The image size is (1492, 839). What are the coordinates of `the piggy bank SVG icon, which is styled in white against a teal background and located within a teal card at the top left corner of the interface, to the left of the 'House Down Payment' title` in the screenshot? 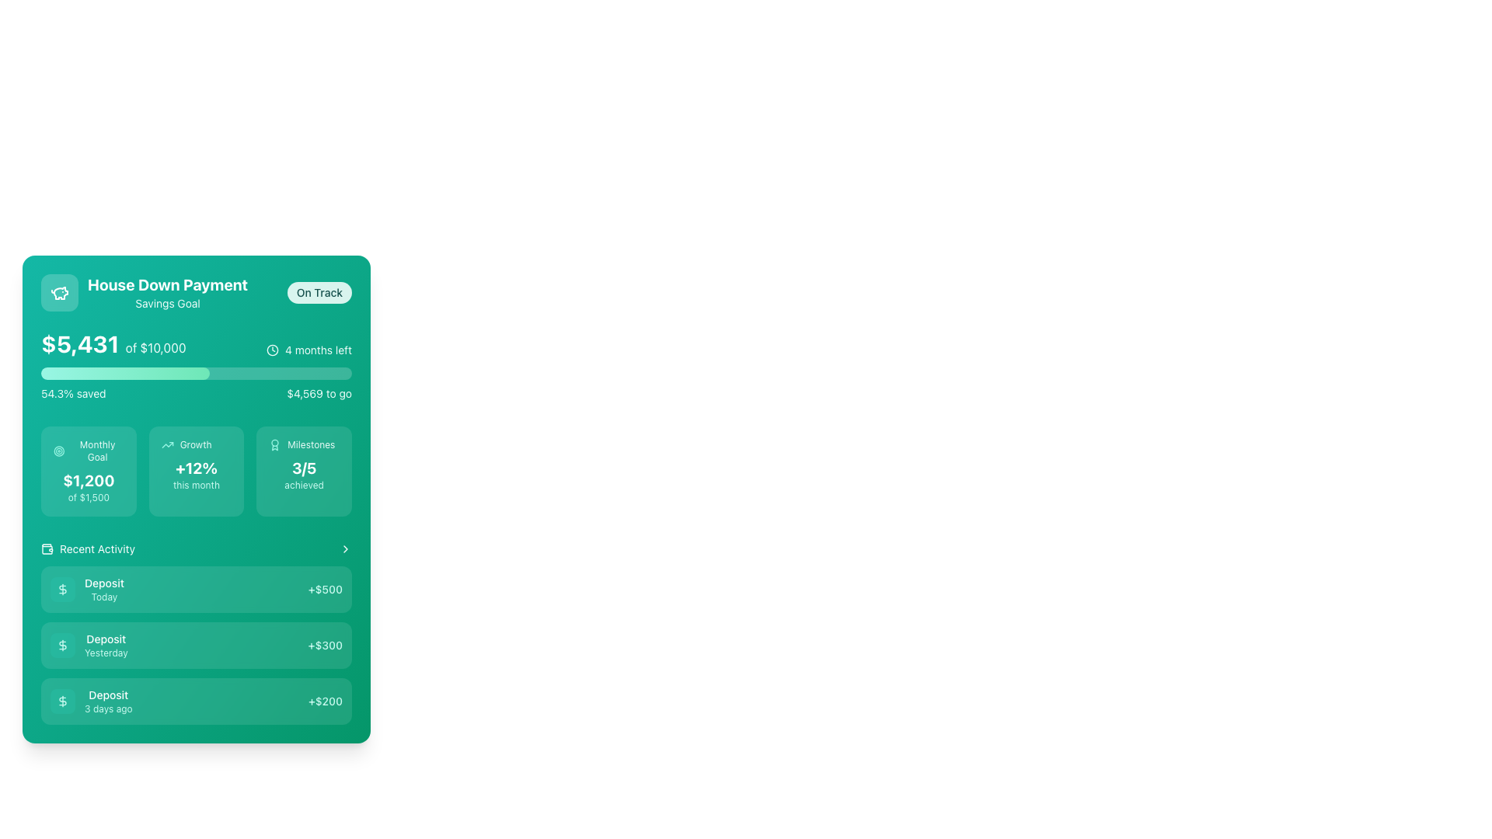 It's located at (59, 293).